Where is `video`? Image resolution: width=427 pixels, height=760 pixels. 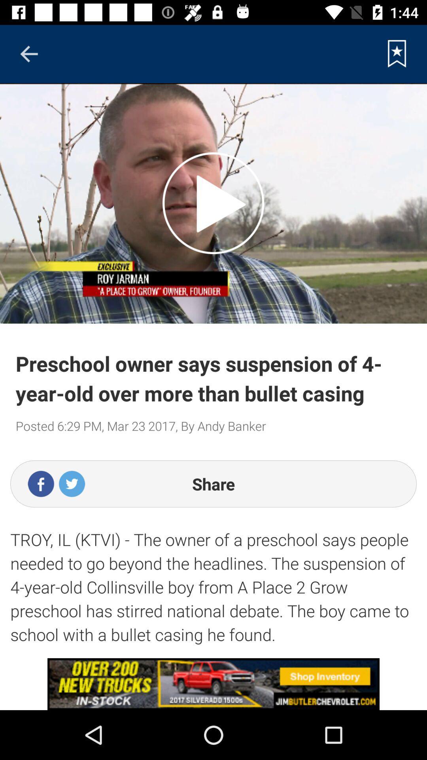
video is located at coordinates (213, 203).